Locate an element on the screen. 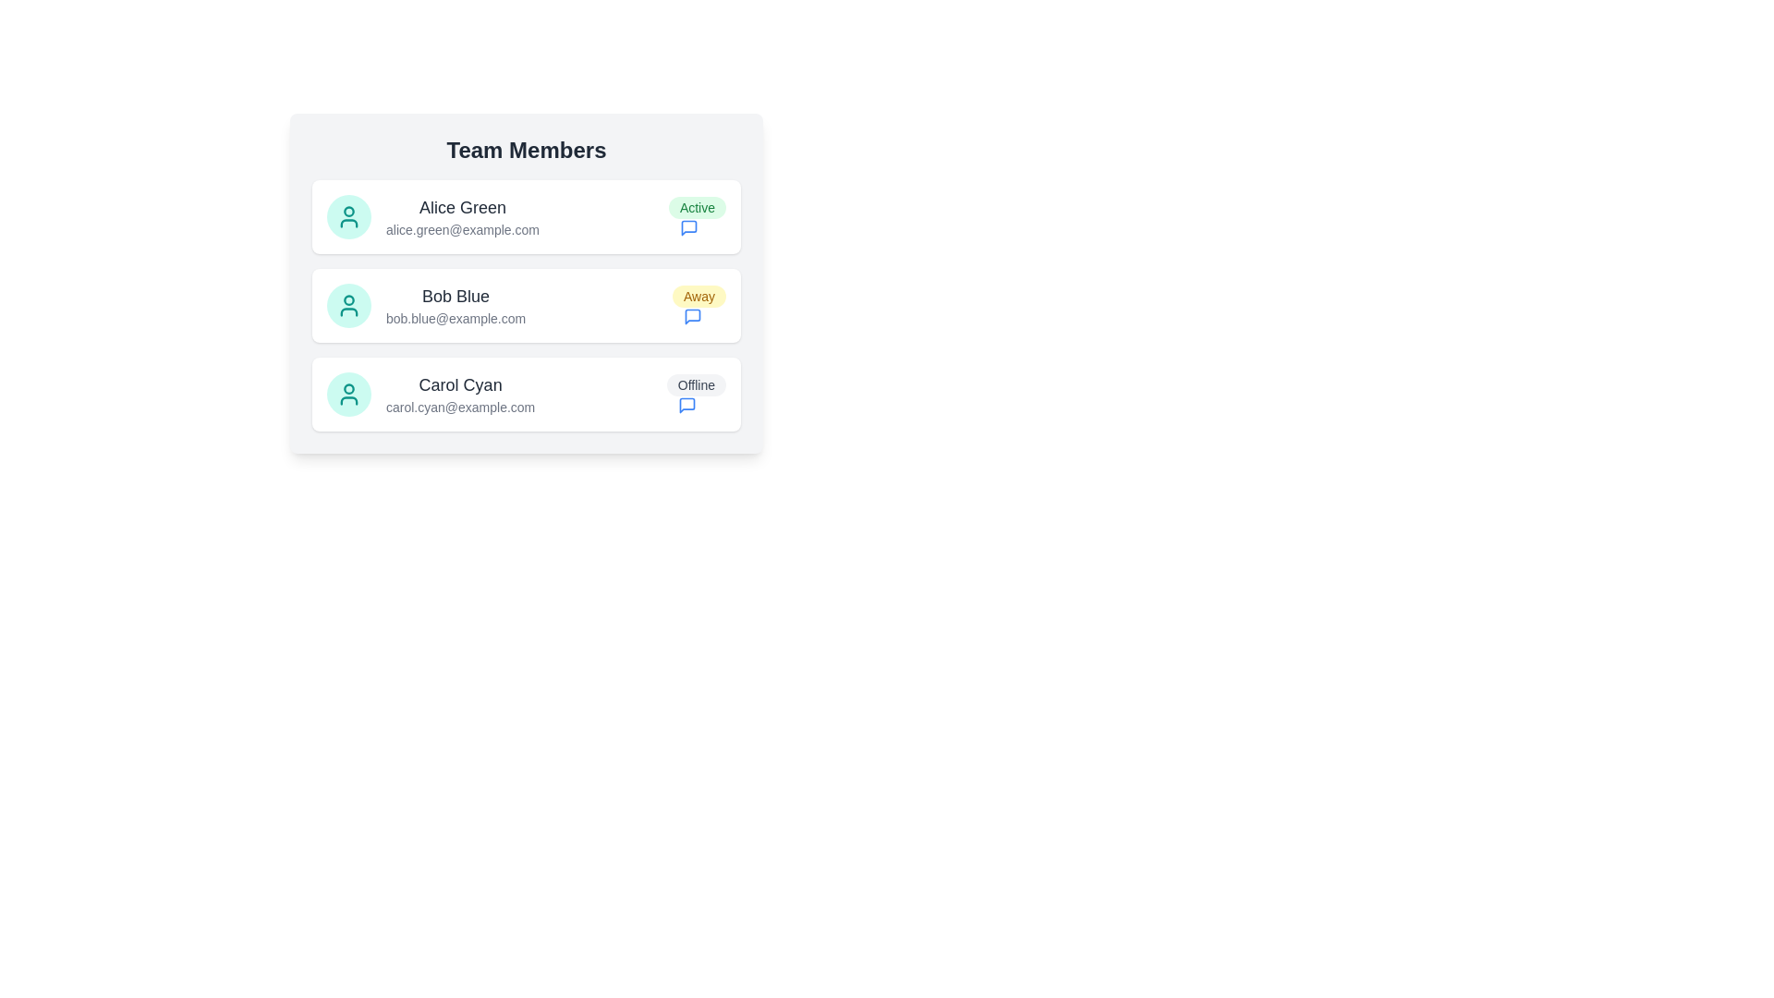  the user avatar icon located in the top-left region next to the name 'Alice Green' is located at coordinates (349, 223).